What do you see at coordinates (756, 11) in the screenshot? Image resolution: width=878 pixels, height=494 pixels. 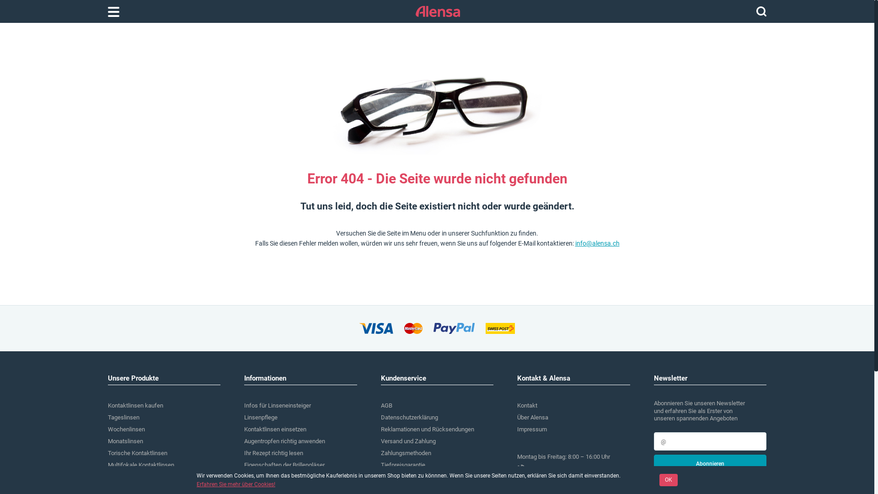 I see `'Suchen'` at bounding box center [756, 11].